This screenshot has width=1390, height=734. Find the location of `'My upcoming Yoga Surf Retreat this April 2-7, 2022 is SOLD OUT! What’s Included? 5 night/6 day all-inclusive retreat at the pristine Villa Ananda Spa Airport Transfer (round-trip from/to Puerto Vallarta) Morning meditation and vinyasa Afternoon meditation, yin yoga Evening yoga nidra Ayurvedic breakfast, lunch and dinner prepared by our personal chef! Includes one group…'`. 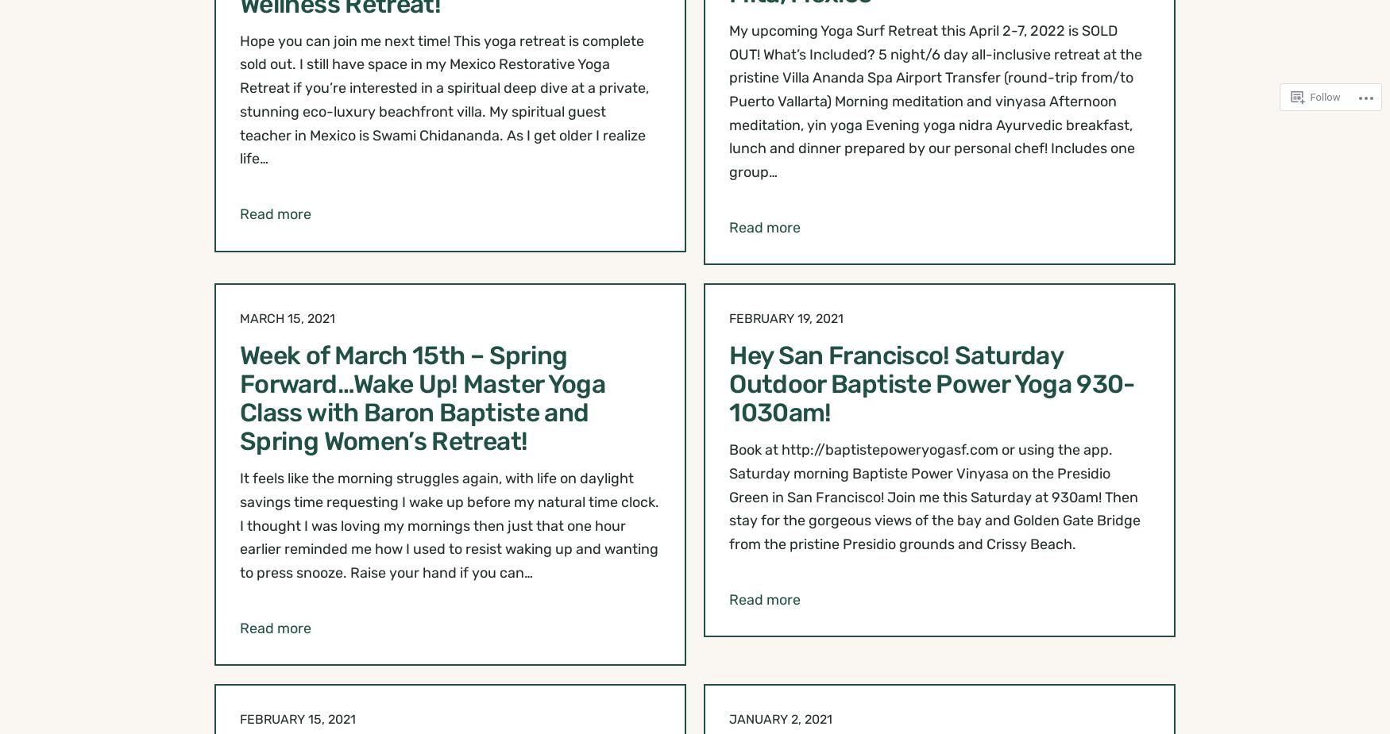

'My upcoming Yoga Surf Retreat this April 2-7, 2022 is SOLD OUT! What’s Included? 5 night/6 day all-inclusive retreat at the pristine Villa Ananda Spa Airport Transfer (round-trip from/to Puerto Vallarta) Morning meditation and vinyasa Afternoon meditation, yin yoga Evening yoga nidra Ayurvedic breakfast, lunch and dinner prepared by our personal chef! Includes one group…' is located at coordinates (934, 100).